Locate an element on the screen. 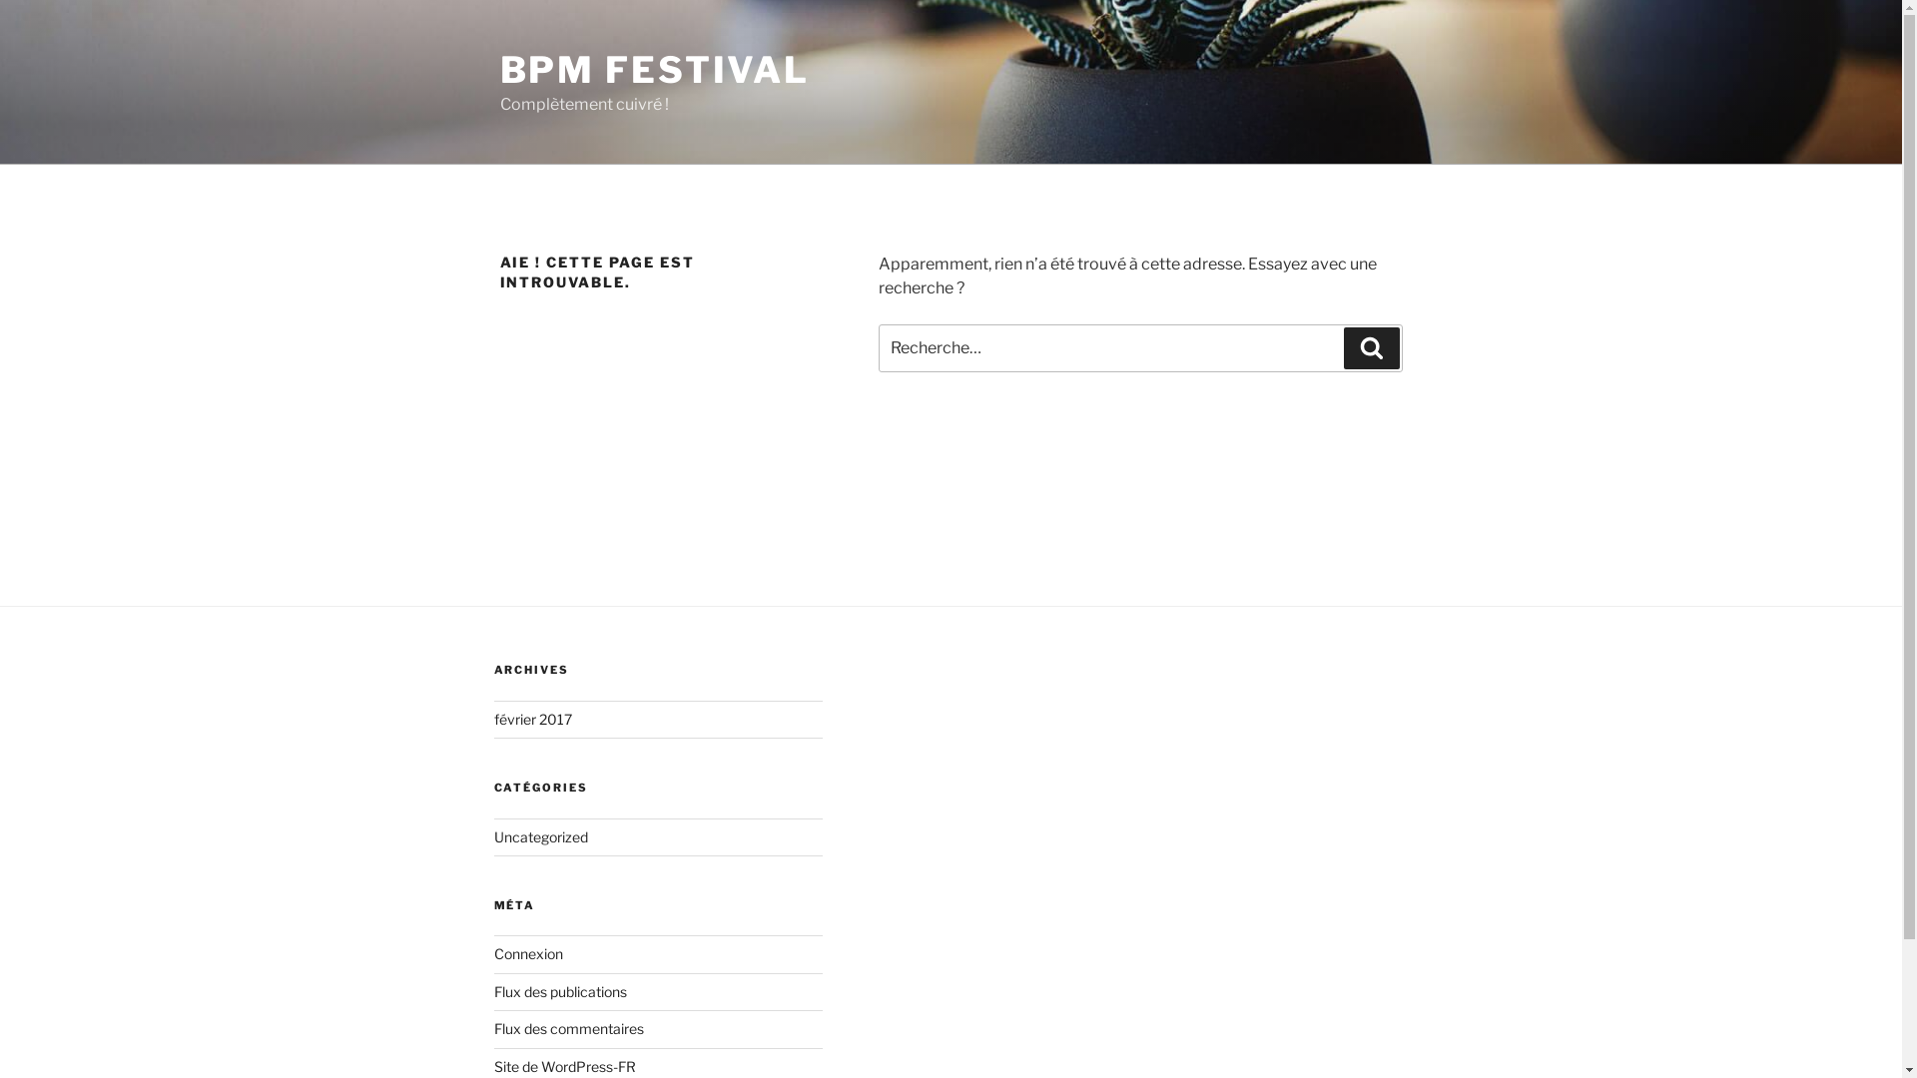 This screenshot has height=1078, width=1917. 'Uncategorized' is located at coordinates (493, 836).